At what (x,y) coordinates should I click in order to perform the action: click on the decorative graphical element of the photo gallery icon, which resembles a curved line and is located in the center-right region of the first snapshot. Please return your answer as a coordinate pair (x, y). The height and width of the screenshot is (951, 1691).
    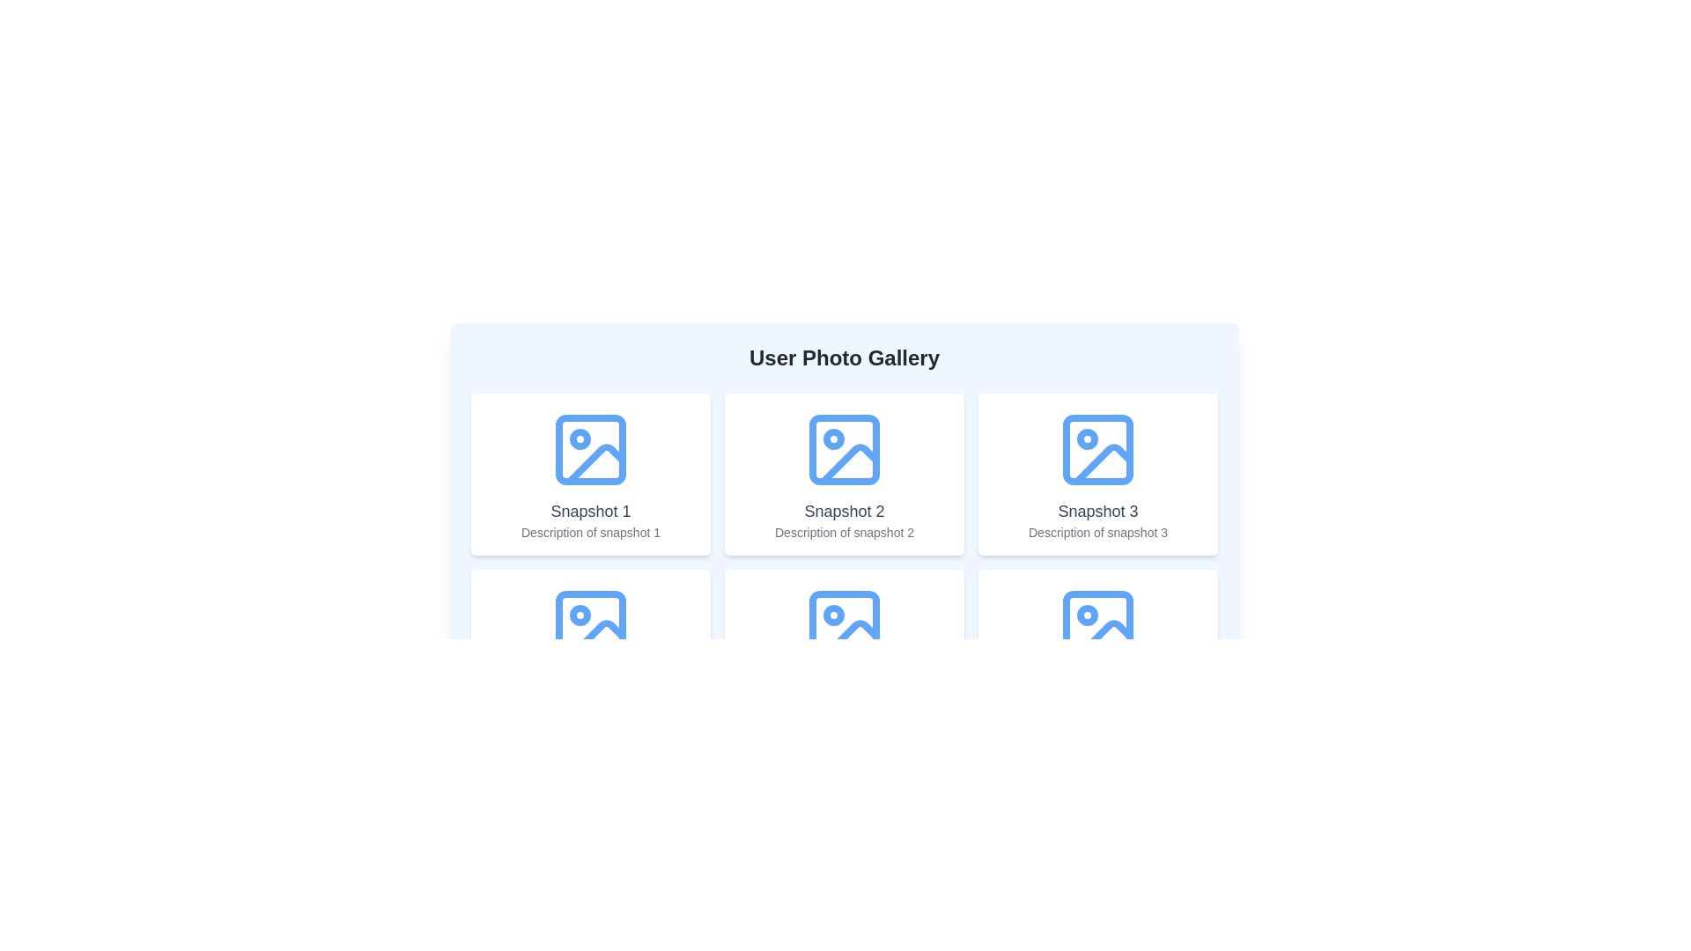
    Looking at the image, I should click on (595, 463).